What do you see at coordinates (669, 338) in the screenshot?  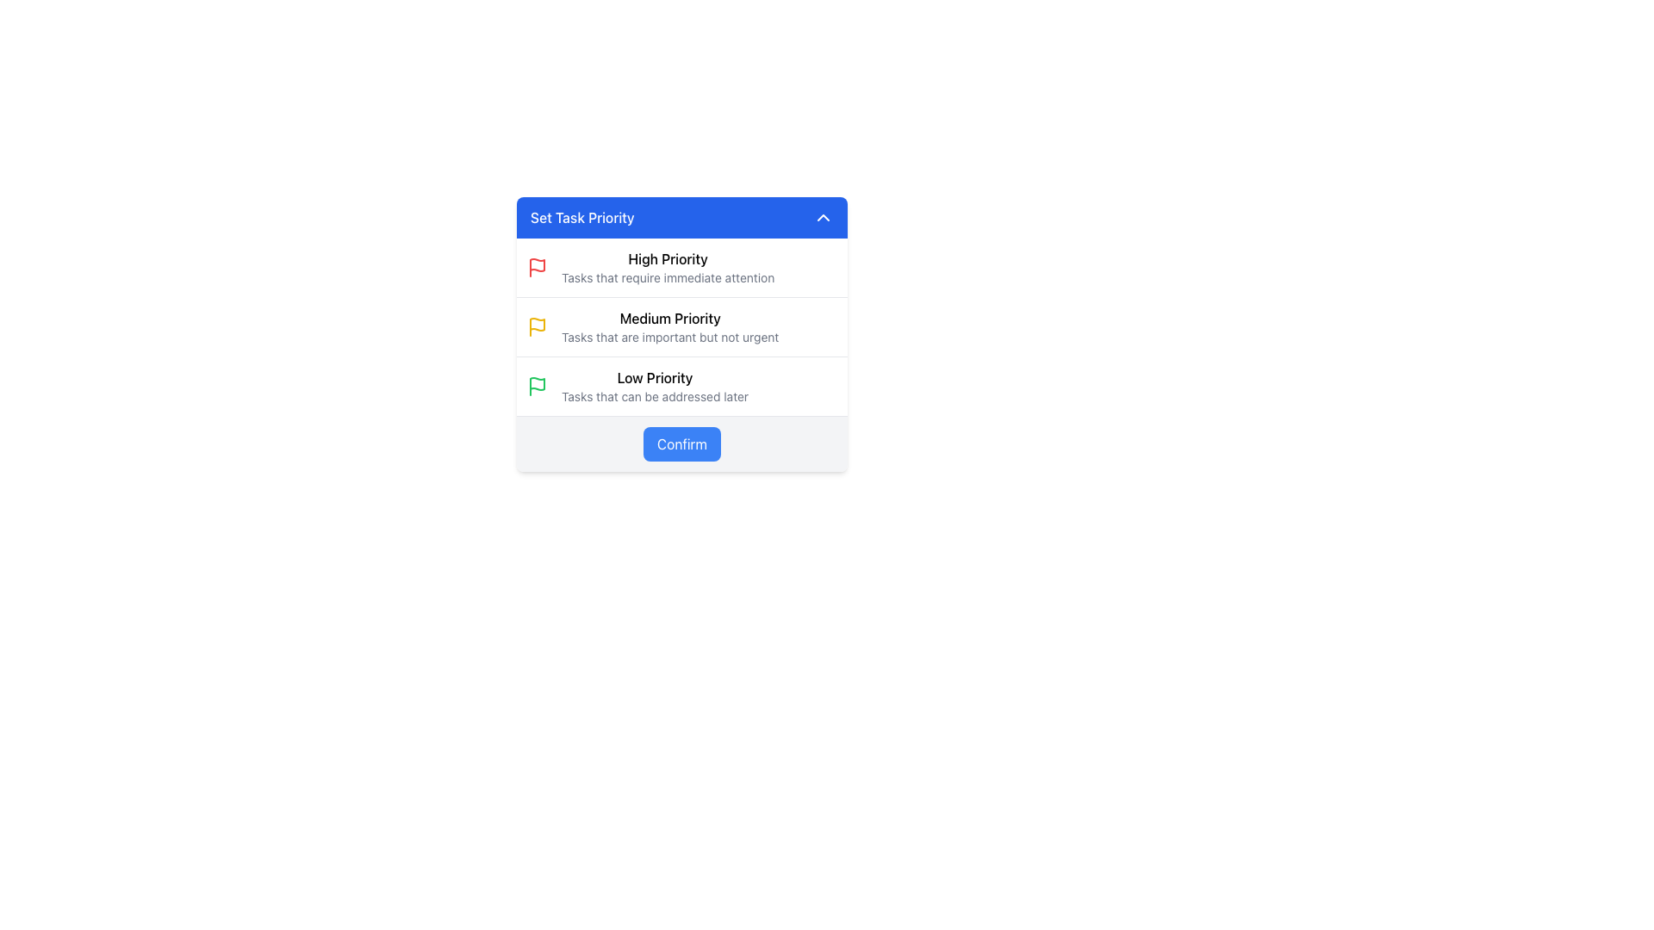 I see `text label providing additional details about the 'Medium Priority' option, located underneath the yellow-flag icon and 'Medium Priority' heading in the 'Set Task Priority' modal interface` at bounding box center [669, 338].